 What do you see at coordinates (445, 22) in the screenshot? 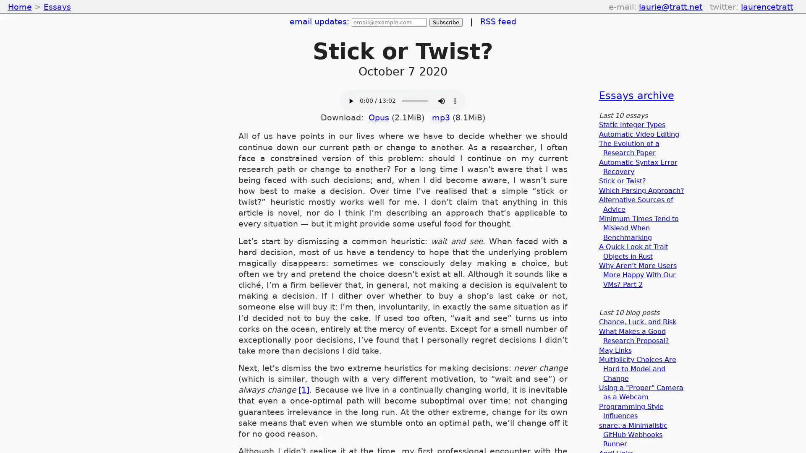
I see `Subscribe` at bounding box center [445, 22].